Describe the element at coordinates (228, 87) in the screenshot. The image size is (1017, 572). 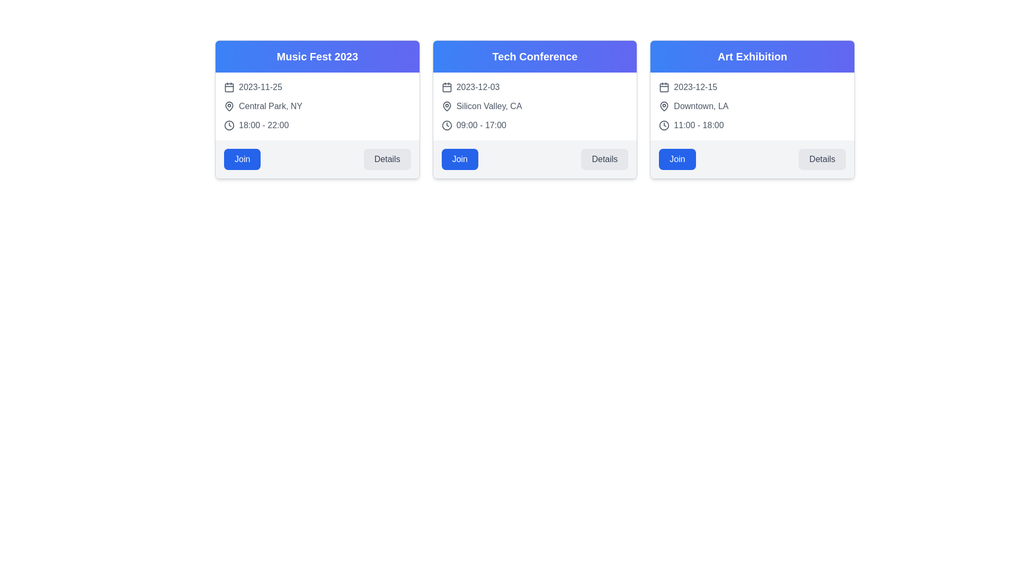
I see `the calendar icon located in the top section of the 'Music Fest 2023' card, which visually signifies the date '2023-11-25'` at that location.